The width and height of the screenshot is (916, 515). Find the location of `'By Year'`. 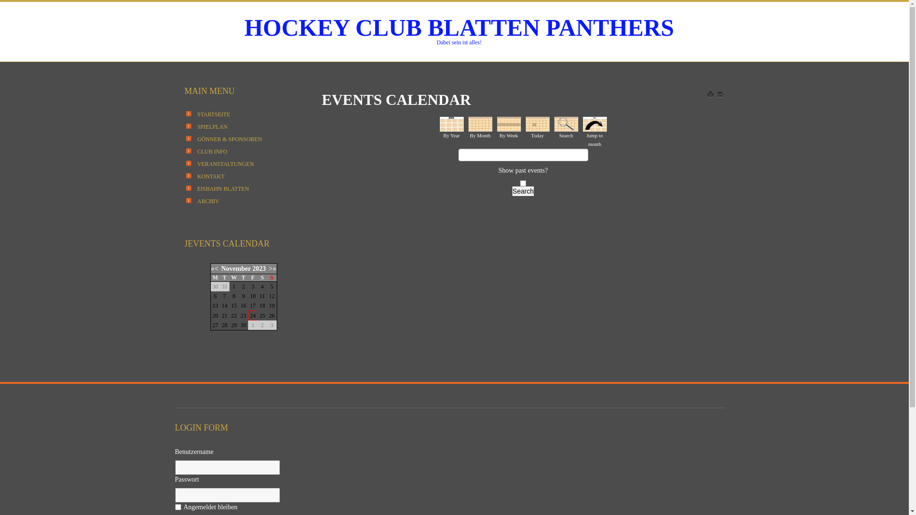

'By Year' is located at coordinates (451, 123).